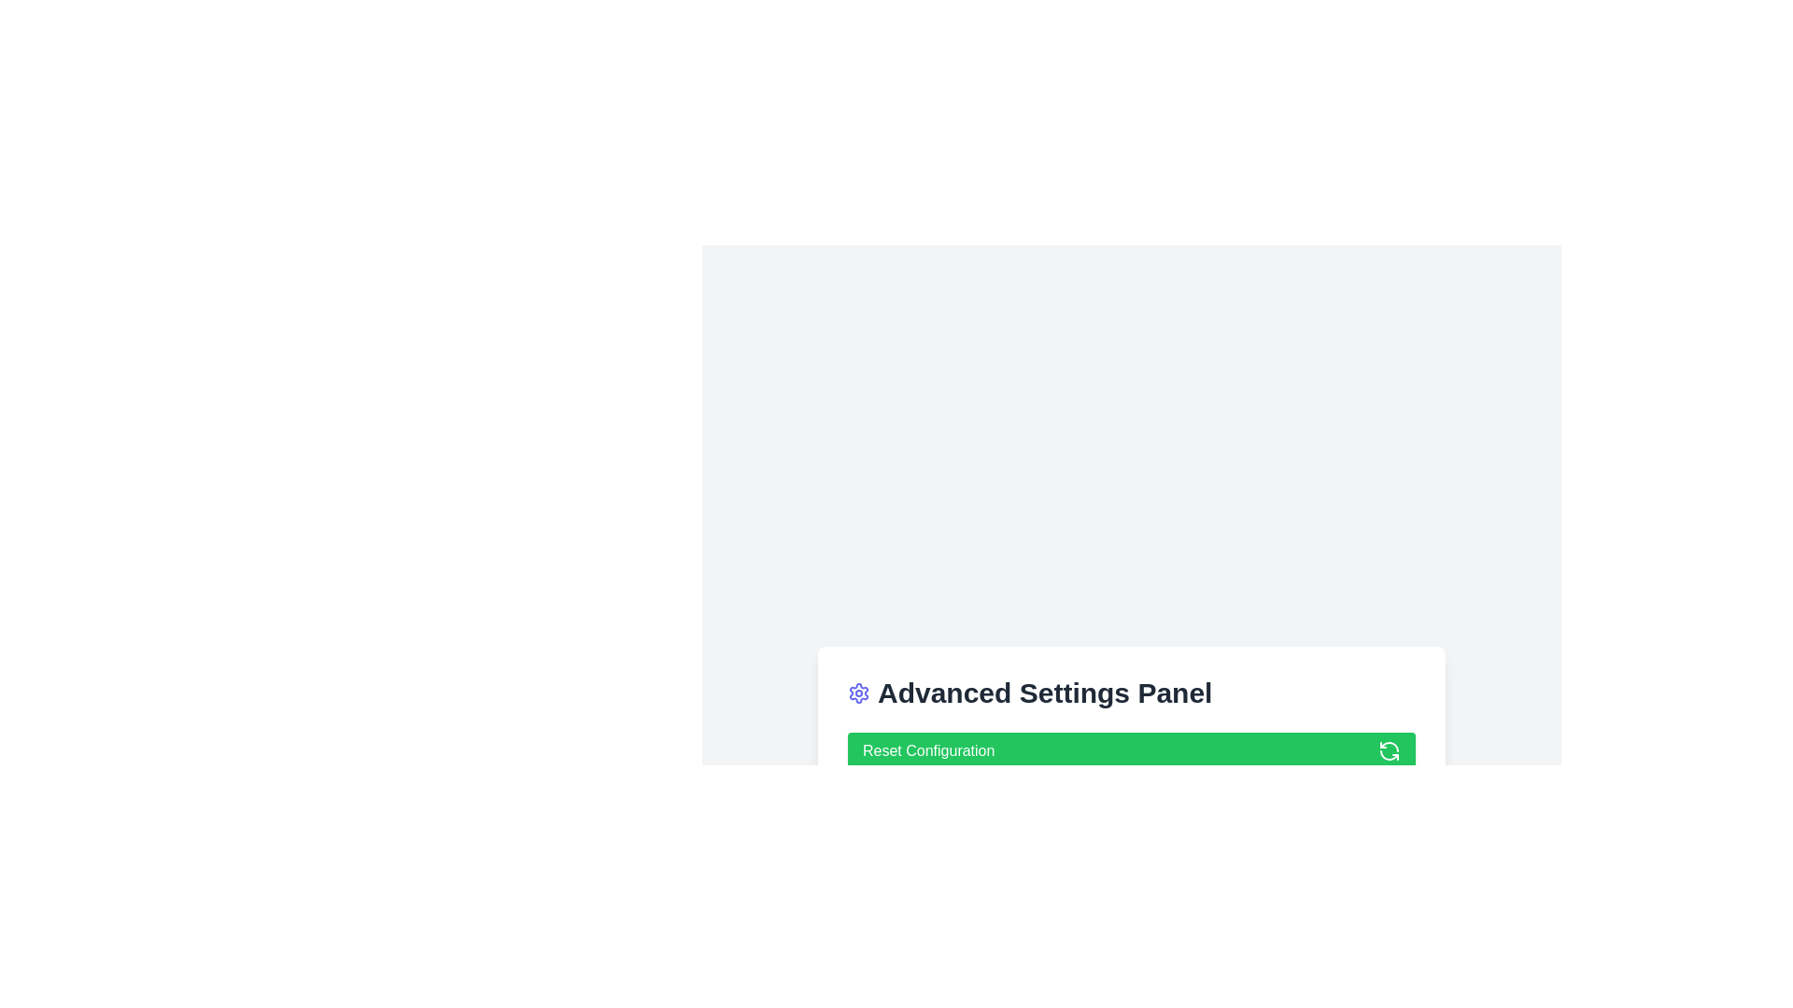 This screenshot has height=1008, width=1793. I want to click on the settings icon, which is a vector-based graphical representation, so click(858, 693).